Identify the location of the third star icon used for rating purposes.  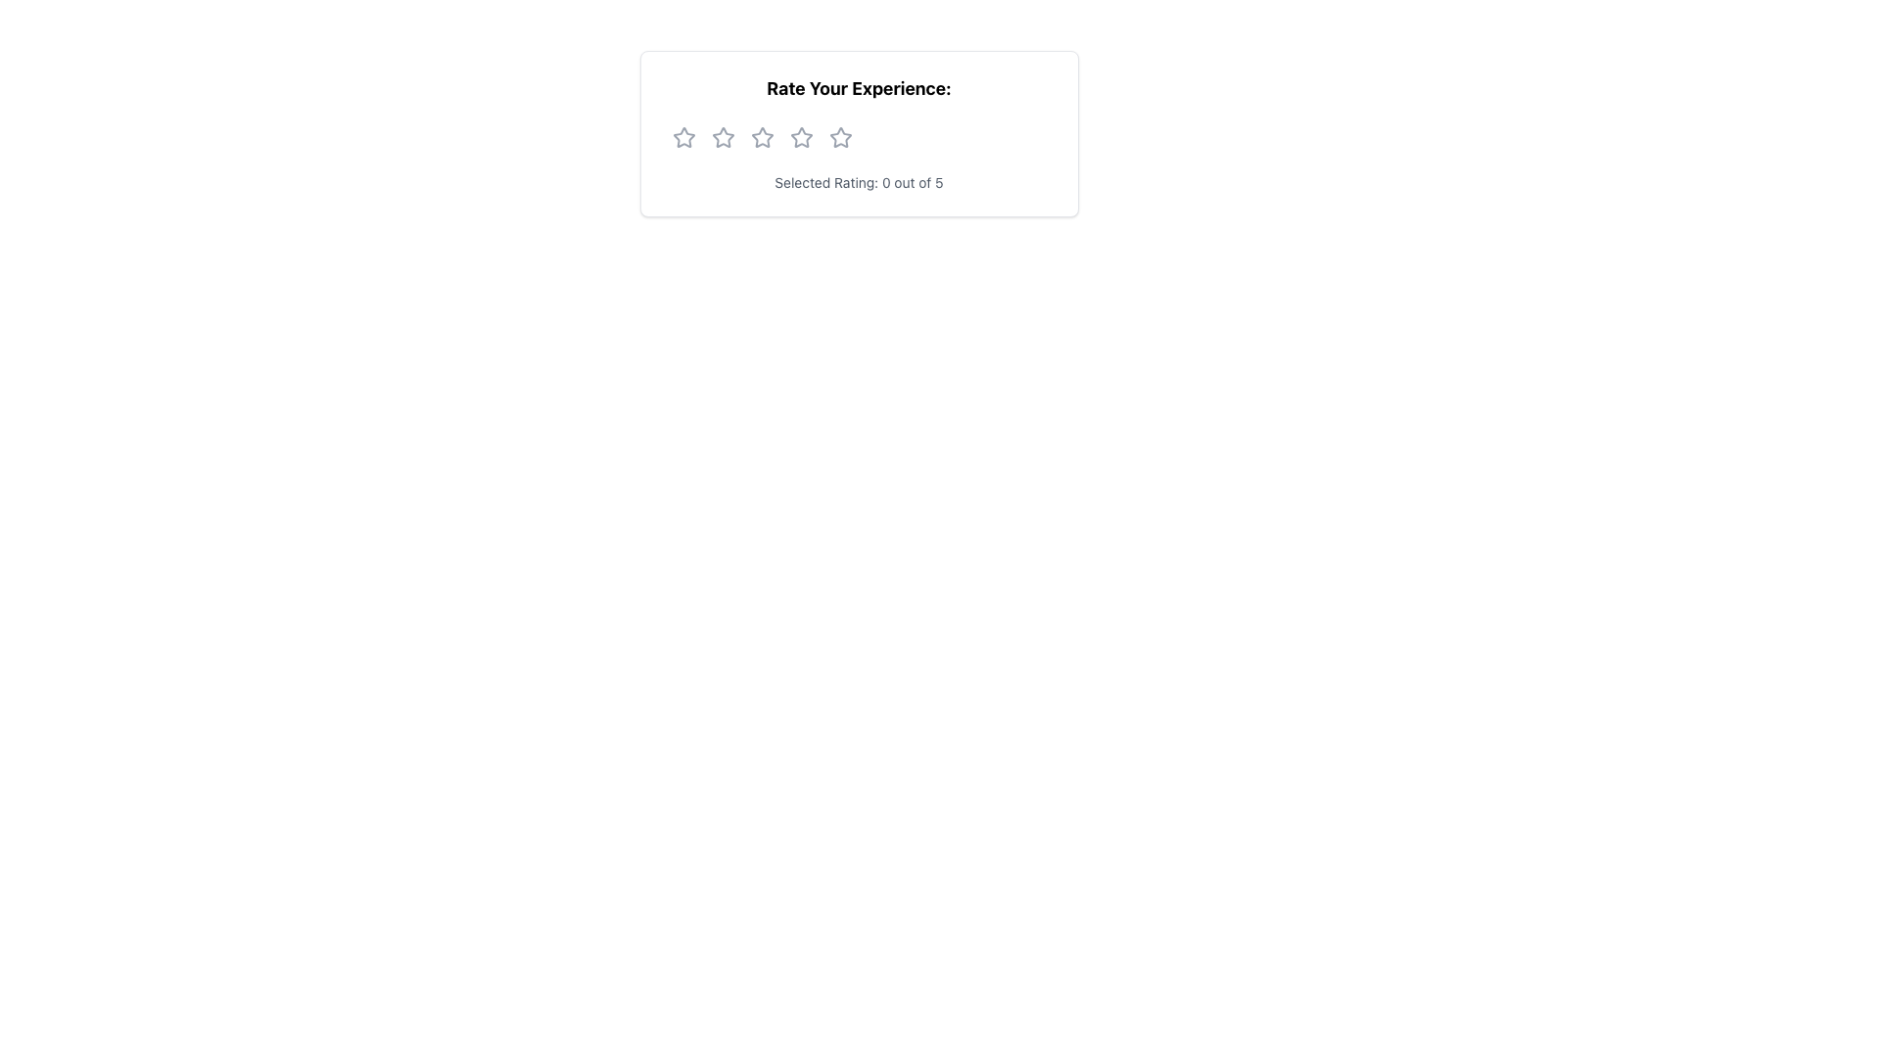
(801, 137).